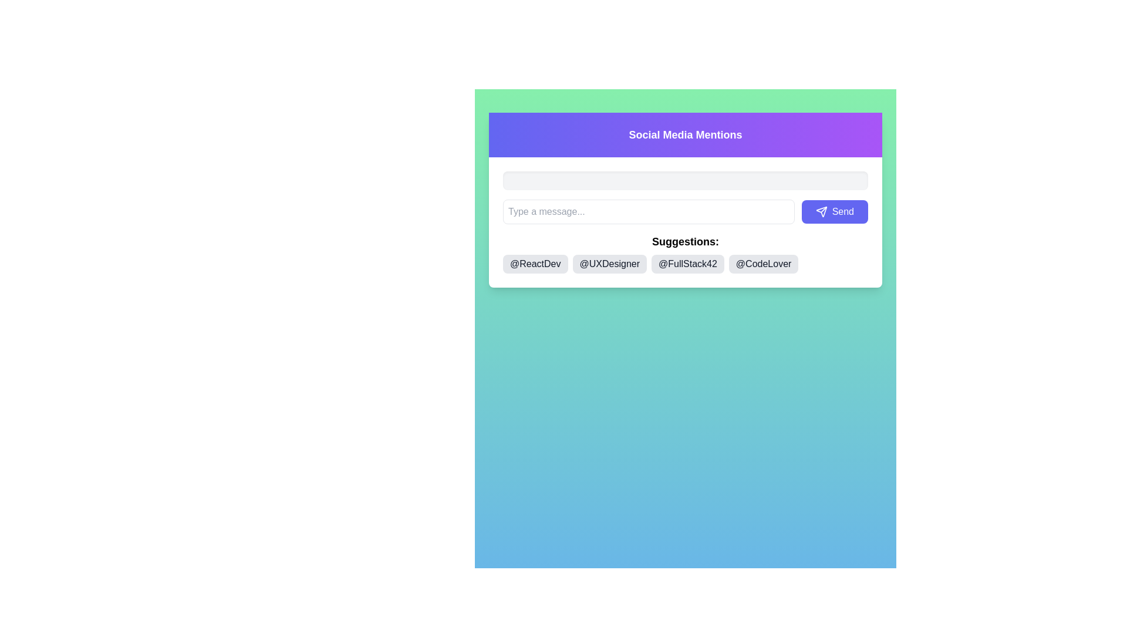 The image size is (1127, 634). I want to click on the interactive tag-like element for '@CodeLover', so click(764, 264).